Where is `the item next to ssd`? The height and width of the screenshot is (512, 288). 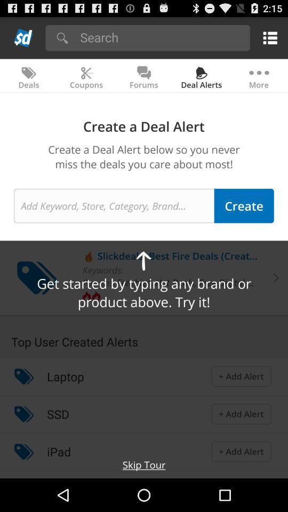 the item next to ssd is located at coordinates (23, 413).